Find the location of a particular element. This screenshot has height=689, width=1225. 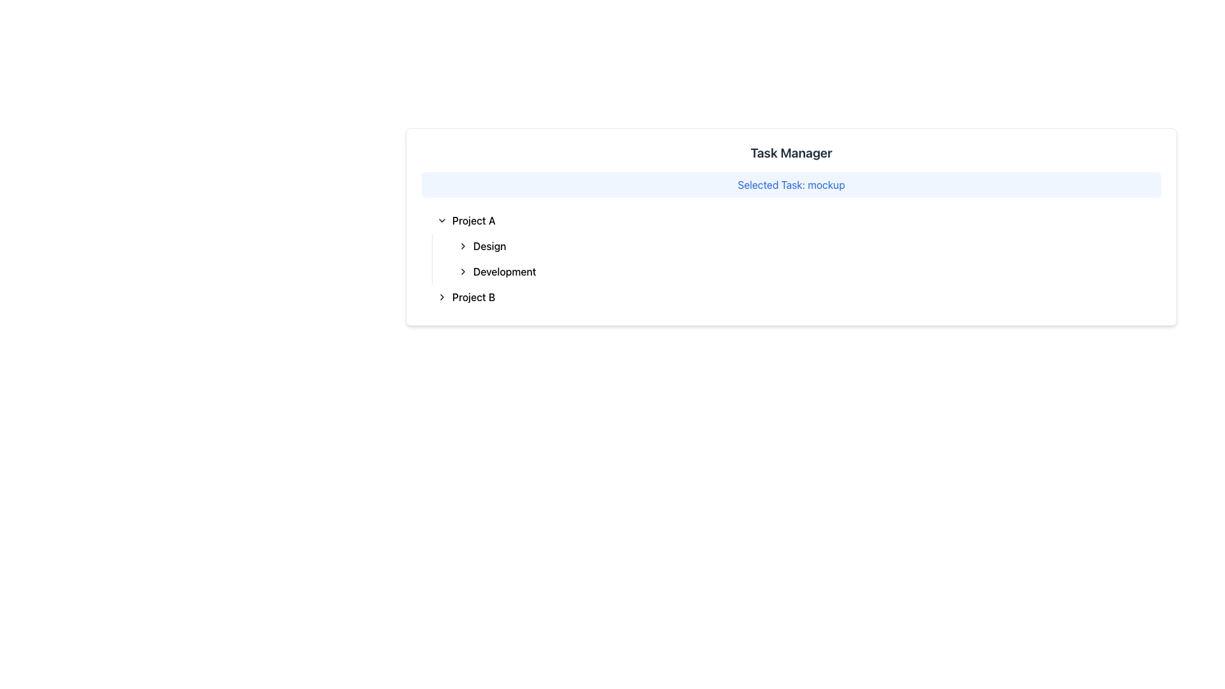

the list item entry for 'Project B' is located at coordinates (796, 297).